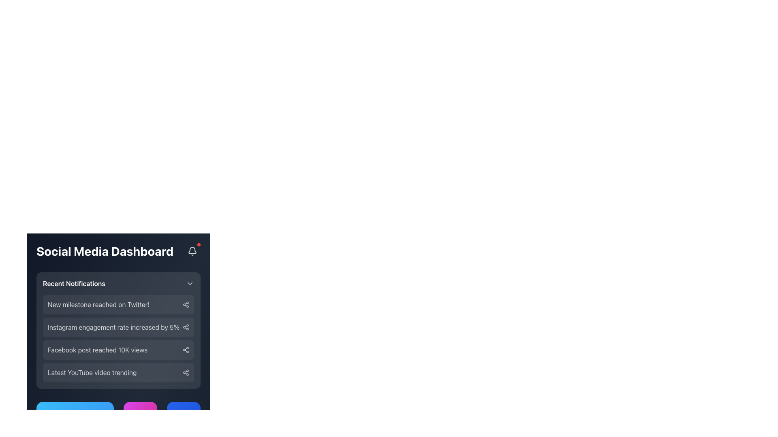 The image size is (778, 437). I want to click on the first notification text label in the 'Recent Notifications' section of the 'Social Media Dashboard' that displays updates about milestones achieved on Twitter, so click(98, 304).